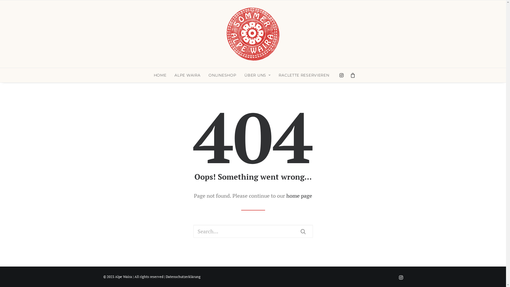  I want to click on 'cart', so click(351, 75).